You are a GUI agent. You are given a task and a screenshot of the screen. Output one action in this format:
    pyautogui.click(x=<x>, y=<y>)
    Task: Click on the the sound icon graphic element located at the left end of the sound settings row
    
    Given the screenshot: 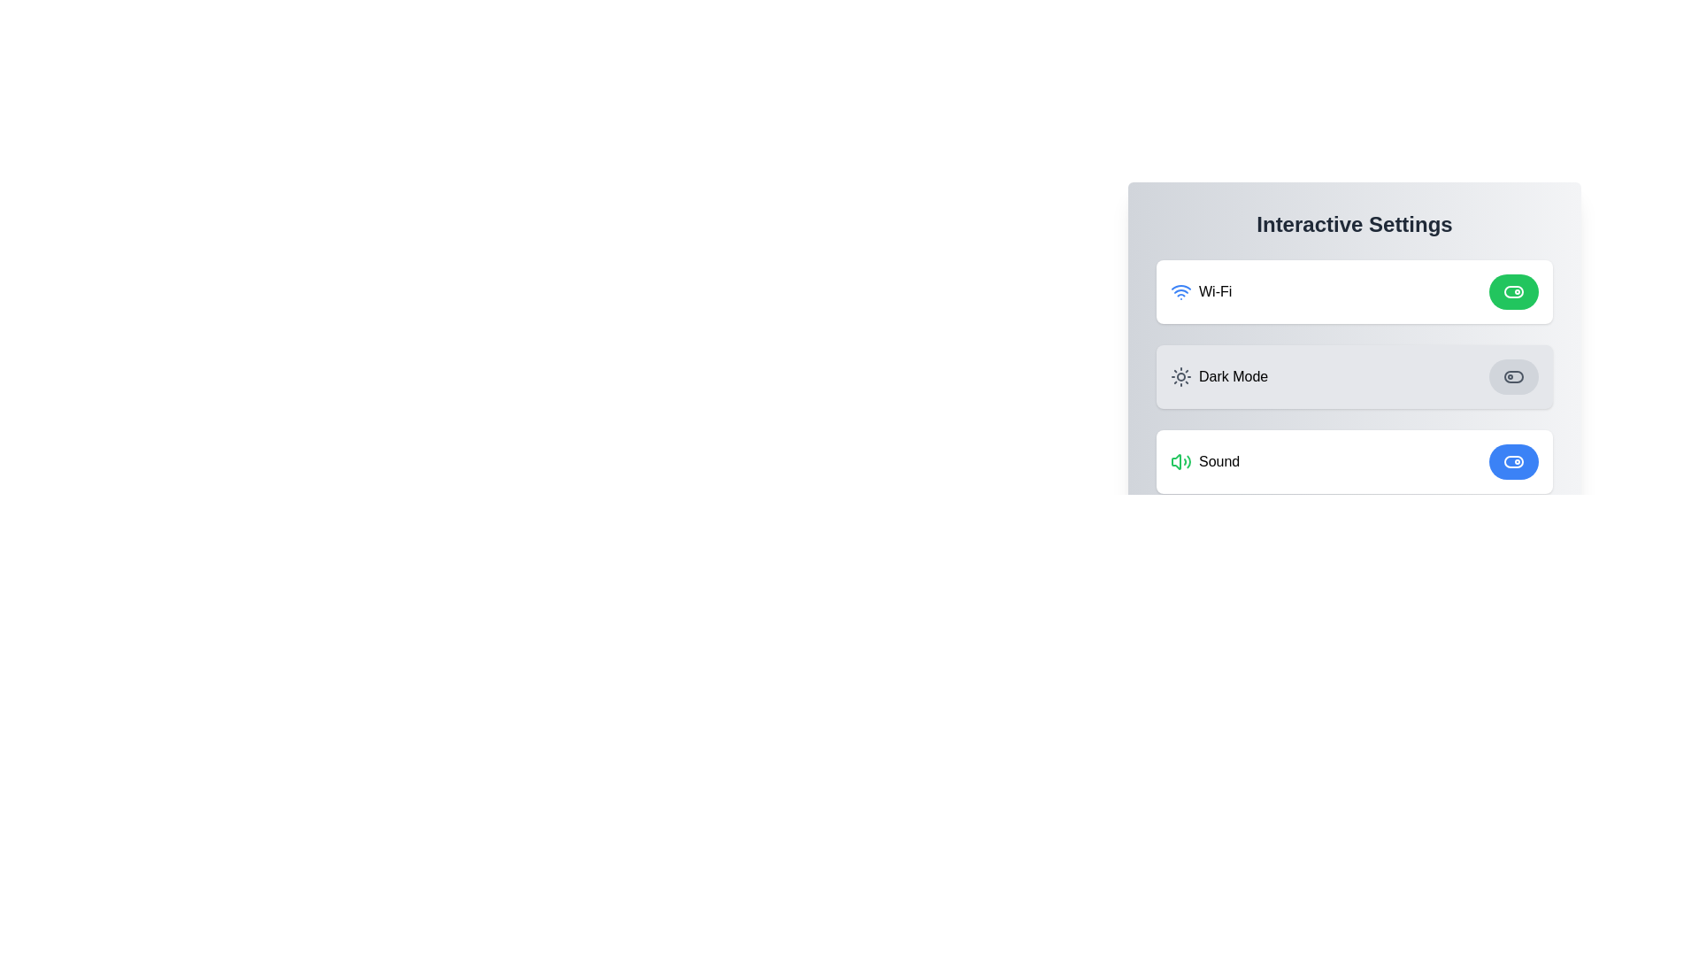 What is the action you would take?
    pyautogui.click(x=1176, y=460)
    